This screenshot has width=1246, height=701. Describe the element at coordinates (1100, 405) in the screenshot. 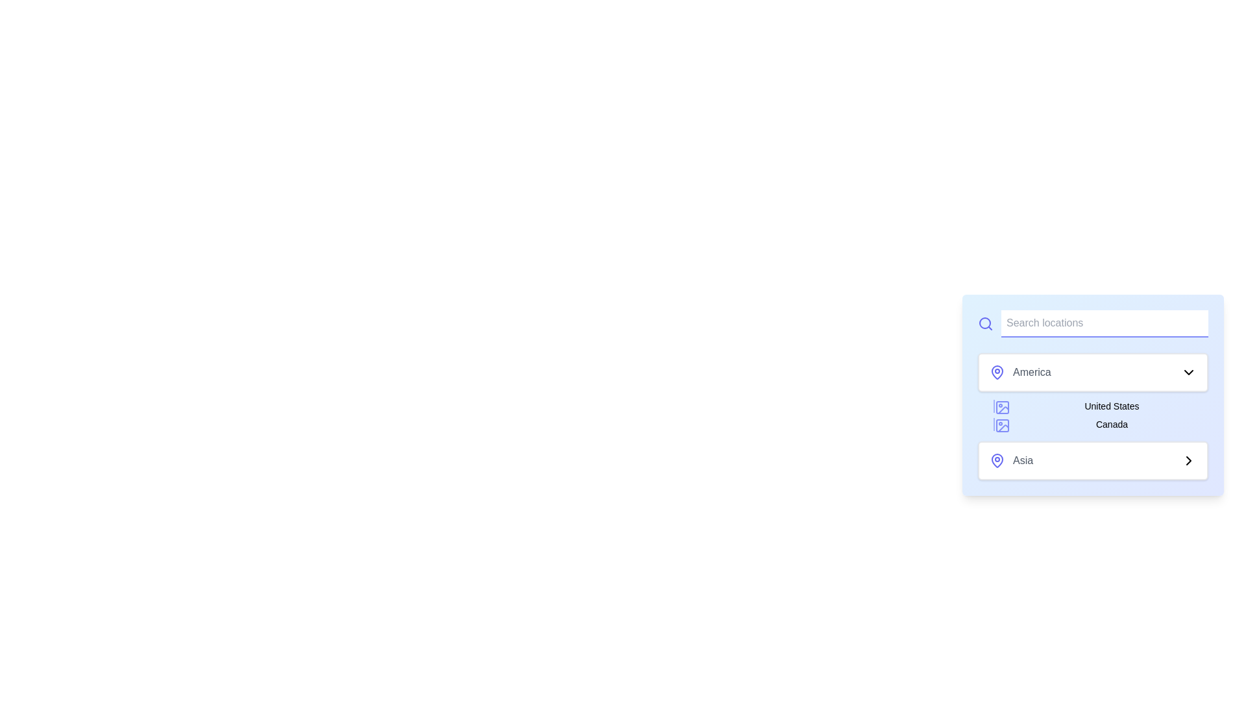

I see `the 'United States' menu option, which is the first item in the list under the 'America' dropdown` at that location.